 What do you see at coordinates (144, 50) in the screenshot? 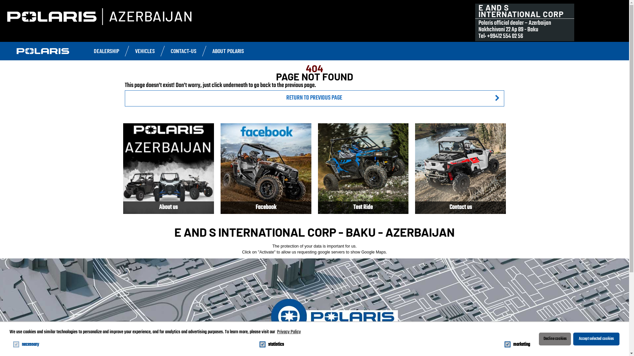
I see `'VEHICLES'` at bounding box center [144, 50].